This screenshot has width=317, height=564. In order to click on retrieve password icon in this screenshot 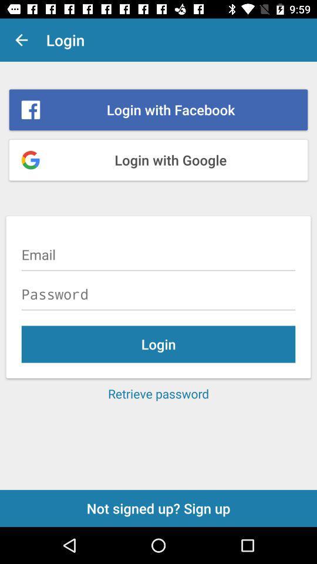, I will do `click(158, 394)`.